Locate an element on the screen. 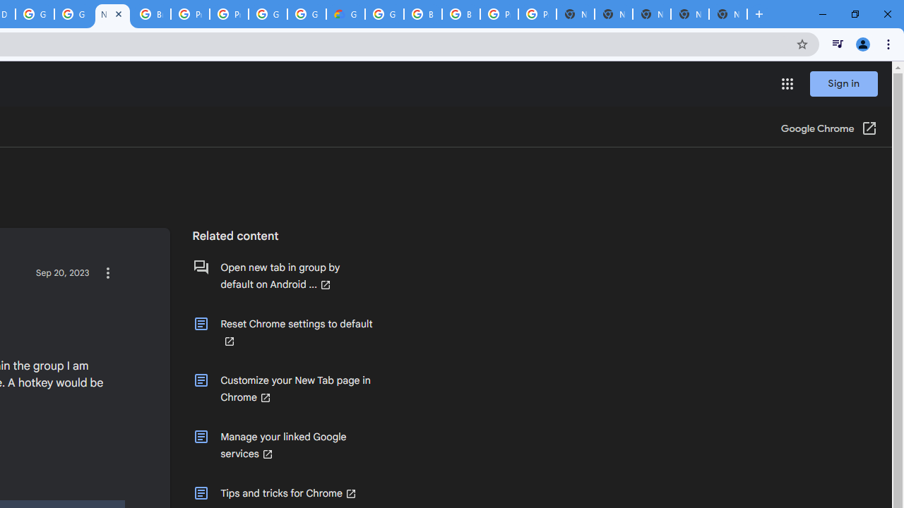 The width and height of the screenshot is (904, 508). 'New Tab within Group - Google Chrome Community' is located at coordinates (112, 14).